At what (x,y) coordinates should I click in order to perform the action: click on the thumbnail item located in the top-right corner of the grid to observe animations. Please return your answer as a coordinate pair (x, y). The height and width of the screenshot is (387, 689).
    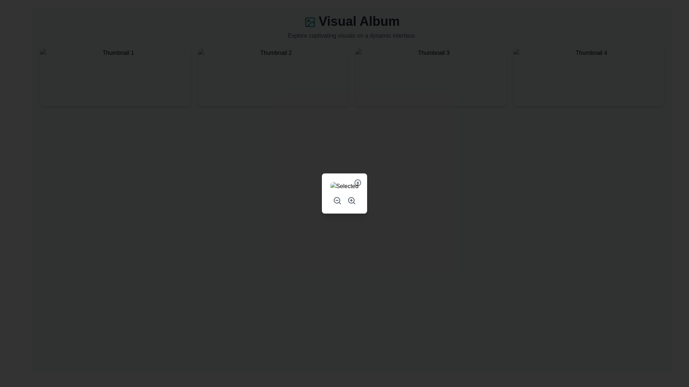
    Looking at the image, I should click on (589, 77).